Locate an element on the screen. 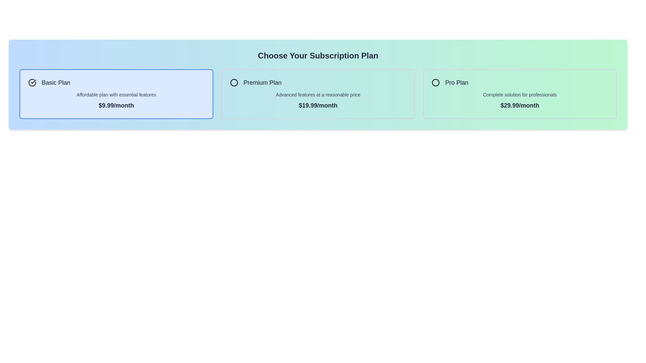 The width and height of the screenshot is (646, 363). the 'Premium Plan' card which is the second card in a grid of three horizontally aligned cards, identified by its light background, border, bold title, description, and price is located at coordinates (318, 94).